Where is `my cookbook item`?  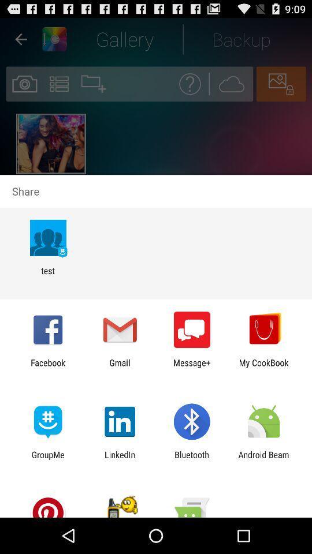
my cookbook item is located at coordinates (263, 367).